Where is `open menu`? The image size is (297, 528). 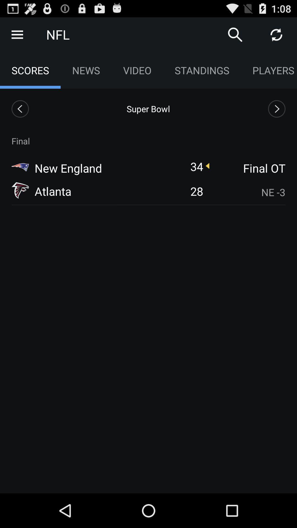
open menu is located at coordinates (17, 34).